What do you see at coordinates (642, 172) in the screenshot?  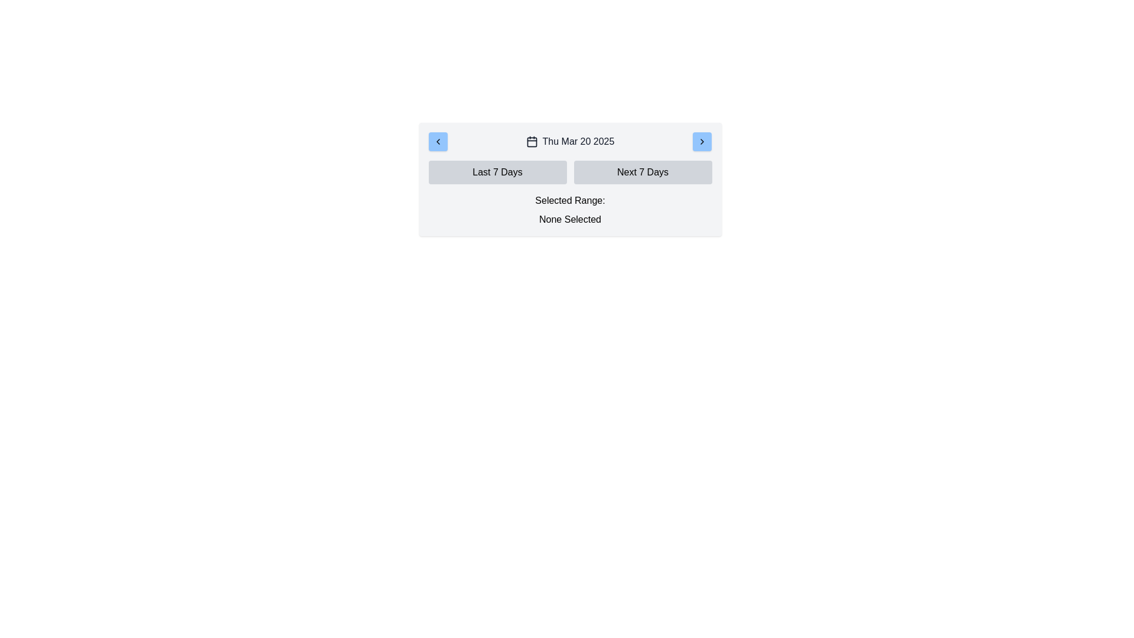 I see `the button located to the right of the 'Last 7 Days' button, which serves as a filter for viewing data for the next 7 days` at bounding box center [642, 172].